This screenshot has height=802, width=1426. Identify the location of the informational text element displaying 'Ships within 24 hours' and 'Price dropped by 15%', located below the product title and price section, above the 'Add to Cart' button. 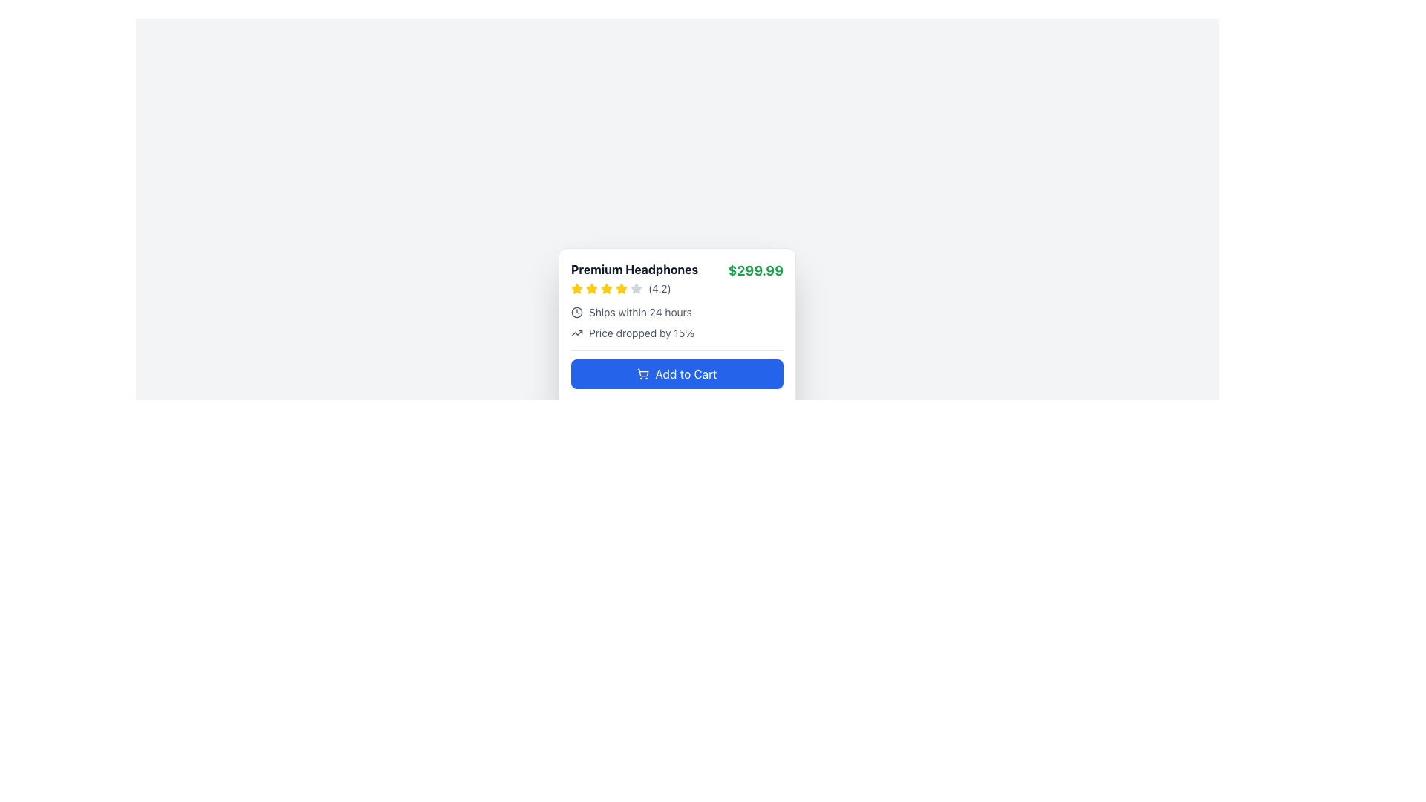
(677, 322).